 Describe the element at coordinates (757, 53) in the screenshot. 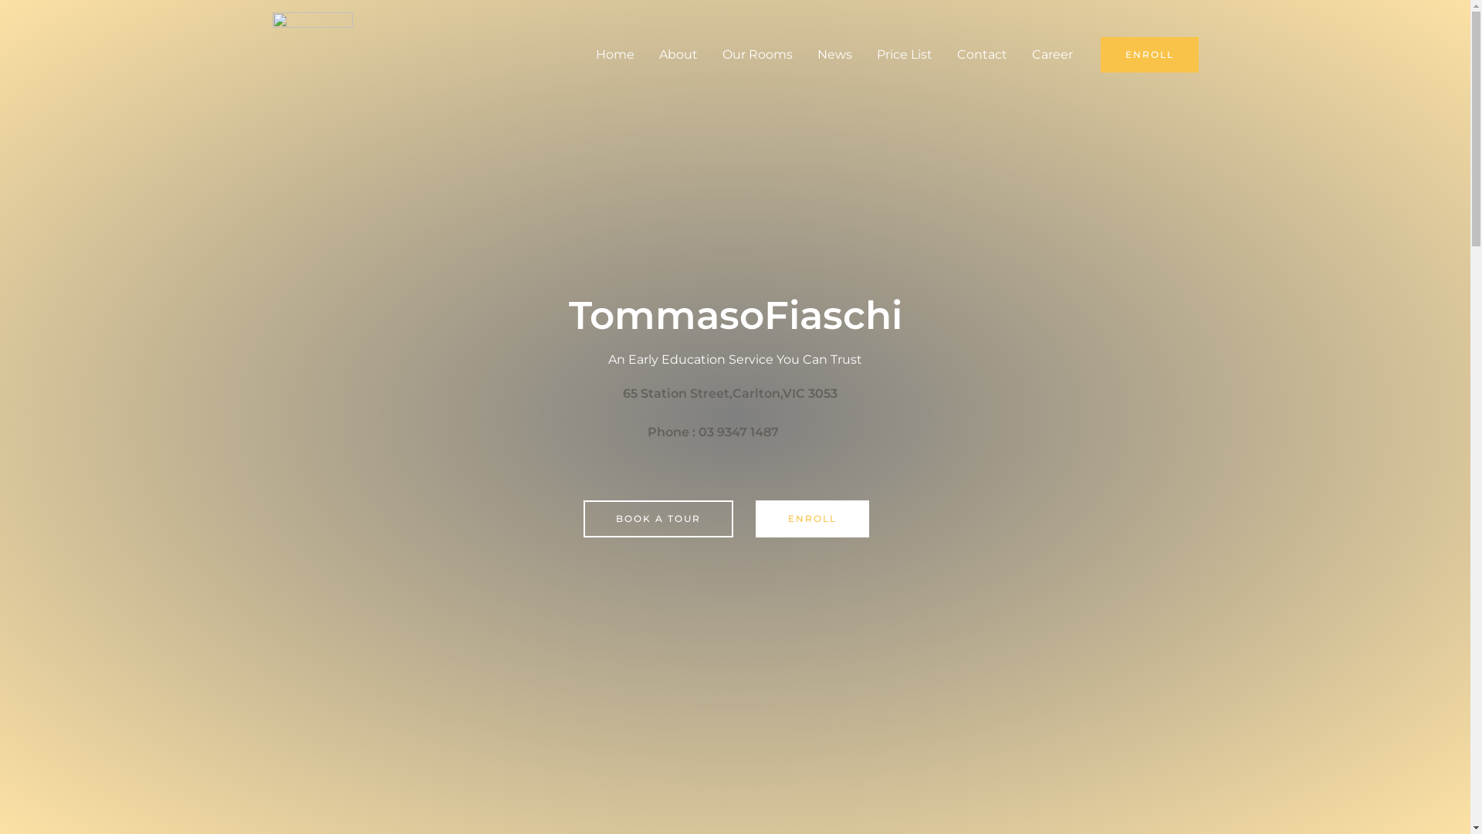

I see `'Our Rooms'` at that location.